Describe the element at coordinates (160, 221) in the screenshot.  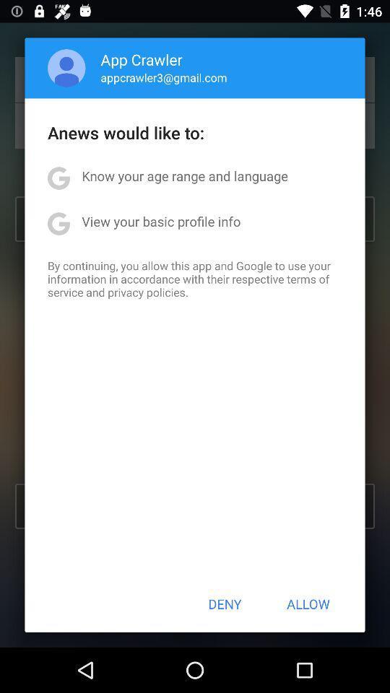
I see `the icon above by continuing you icon` at that location.